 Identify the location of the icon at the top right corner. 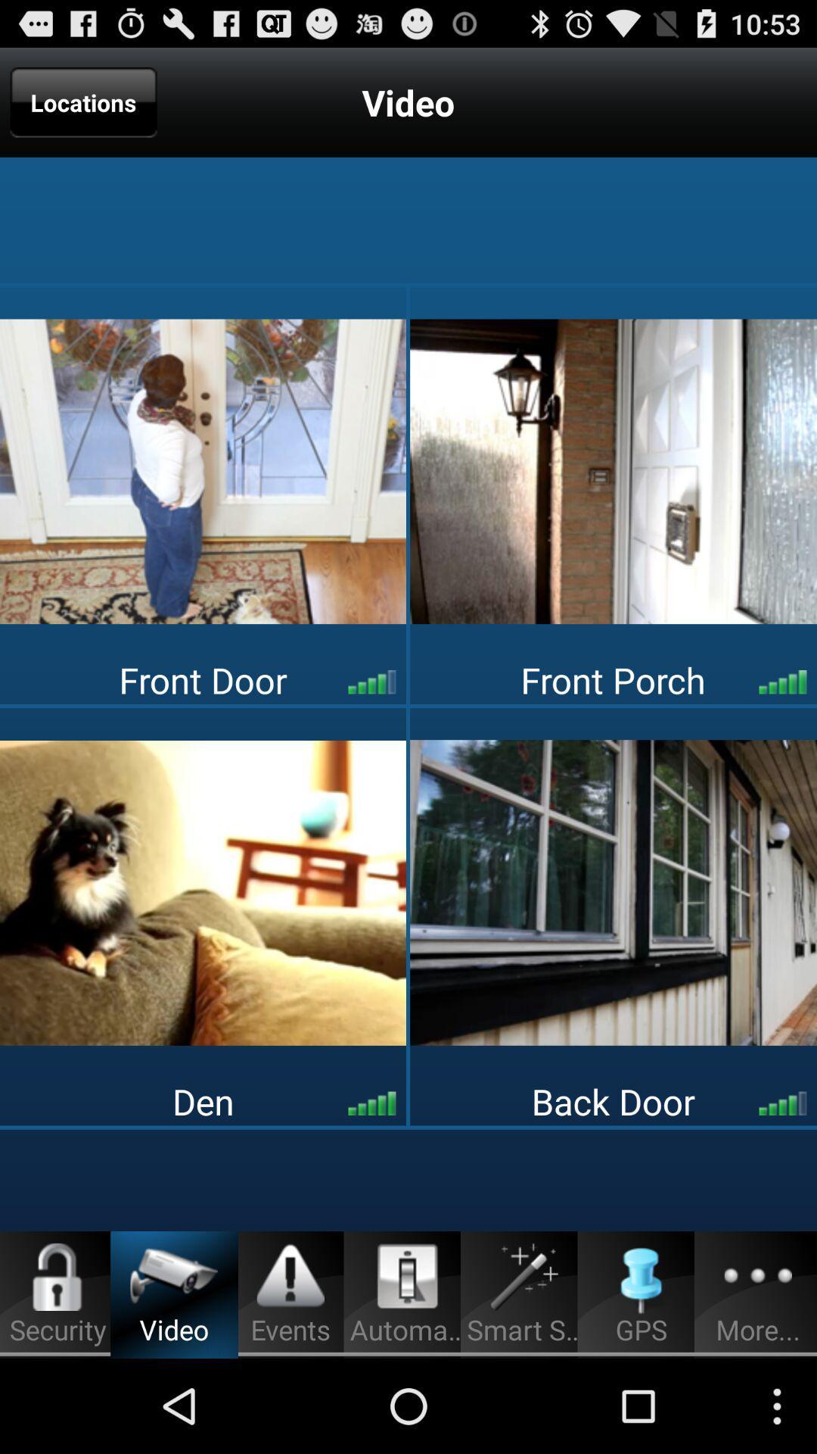
(614, 470).